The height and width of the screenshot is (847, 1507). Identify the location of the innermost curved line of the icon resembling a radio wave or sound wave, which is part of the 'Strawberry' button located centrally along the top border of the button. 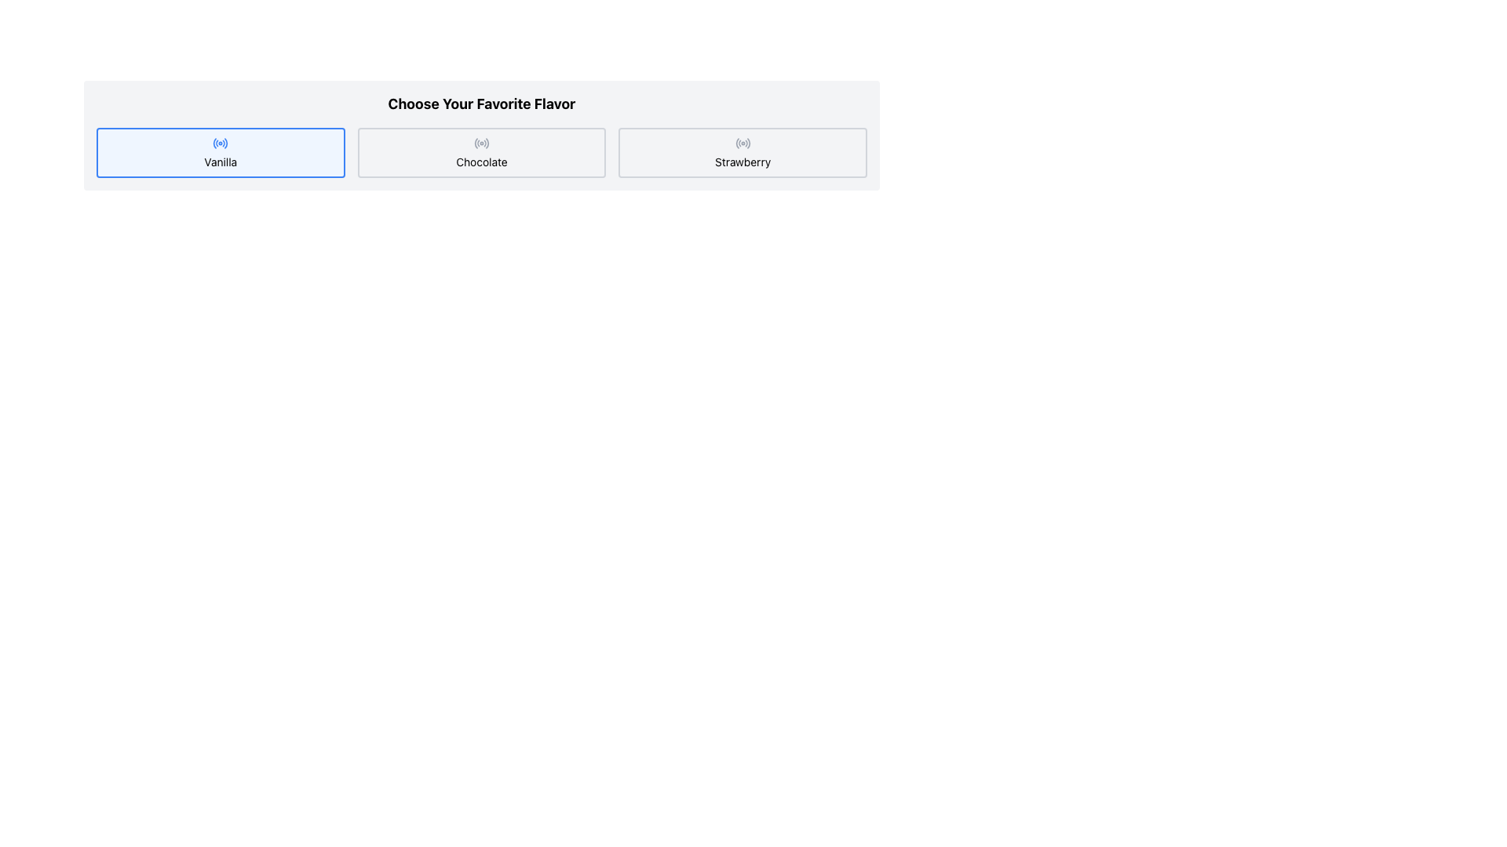
(736, 143).